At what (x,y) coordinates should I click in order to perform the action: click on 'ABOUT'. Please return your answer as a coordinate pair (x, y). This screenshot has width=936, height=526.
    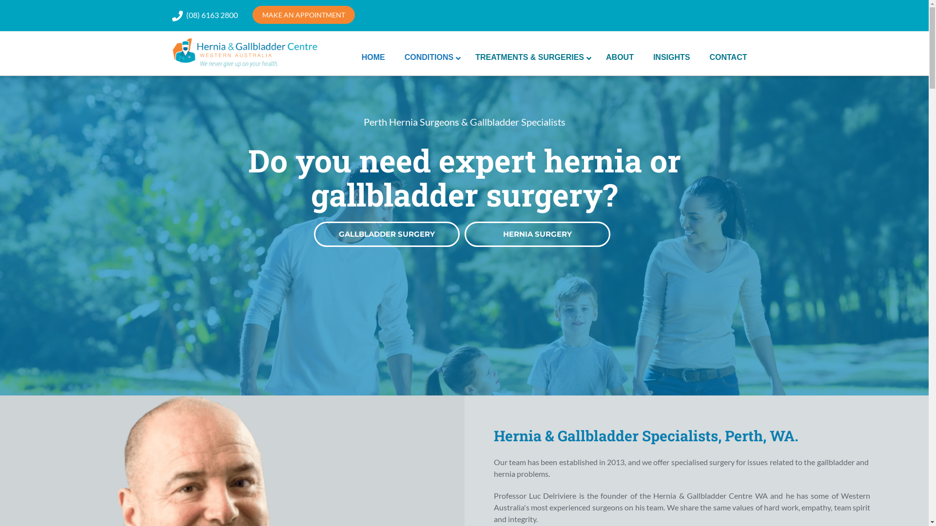
    Looking at the image, I should click on (619, 57).